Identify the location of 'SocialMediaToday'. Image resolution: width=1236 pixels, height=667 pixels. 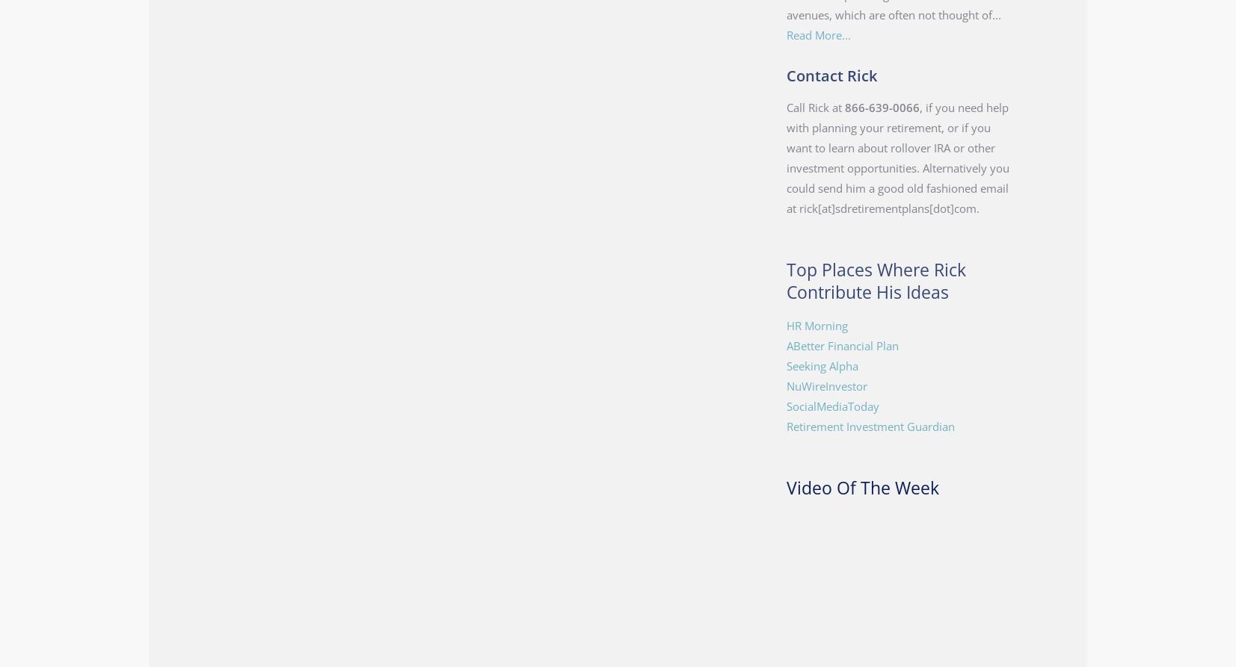
(831, 406).